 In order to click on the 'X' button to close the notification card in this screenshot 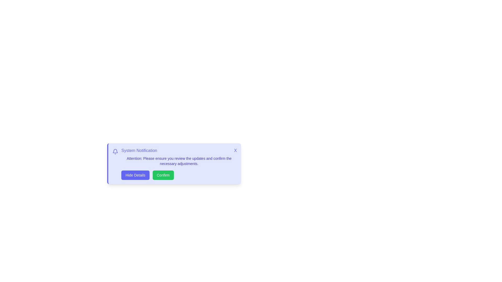, I will do `click(235, 151)`.